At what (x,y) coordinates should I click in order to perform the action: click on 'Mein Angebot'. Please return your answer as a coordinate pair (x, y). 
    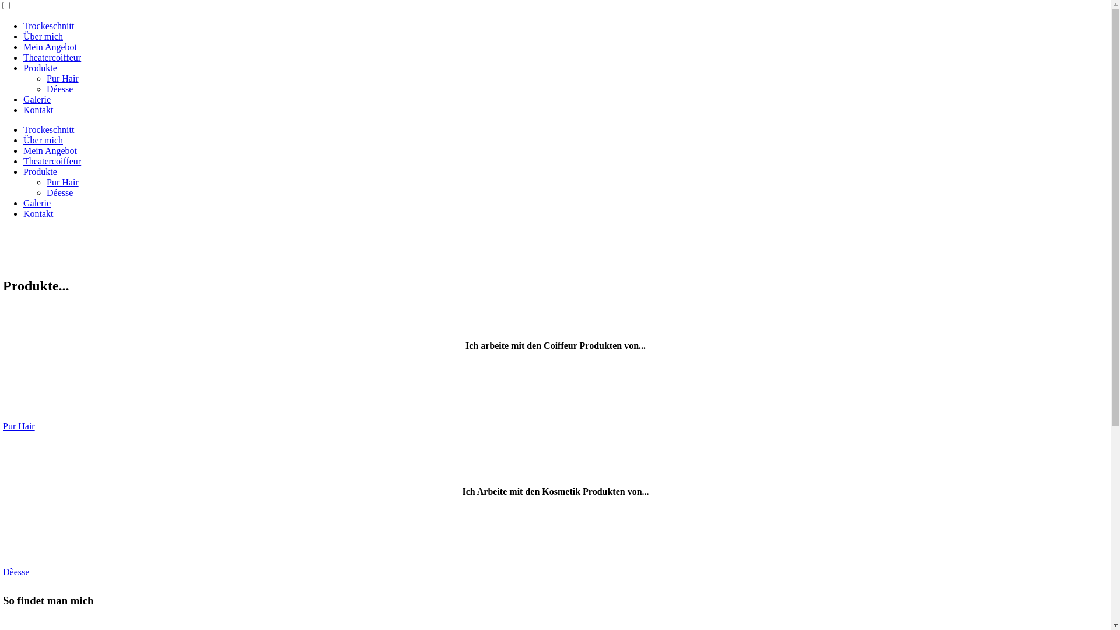
    Looking at the image, I should click on (23, 150).